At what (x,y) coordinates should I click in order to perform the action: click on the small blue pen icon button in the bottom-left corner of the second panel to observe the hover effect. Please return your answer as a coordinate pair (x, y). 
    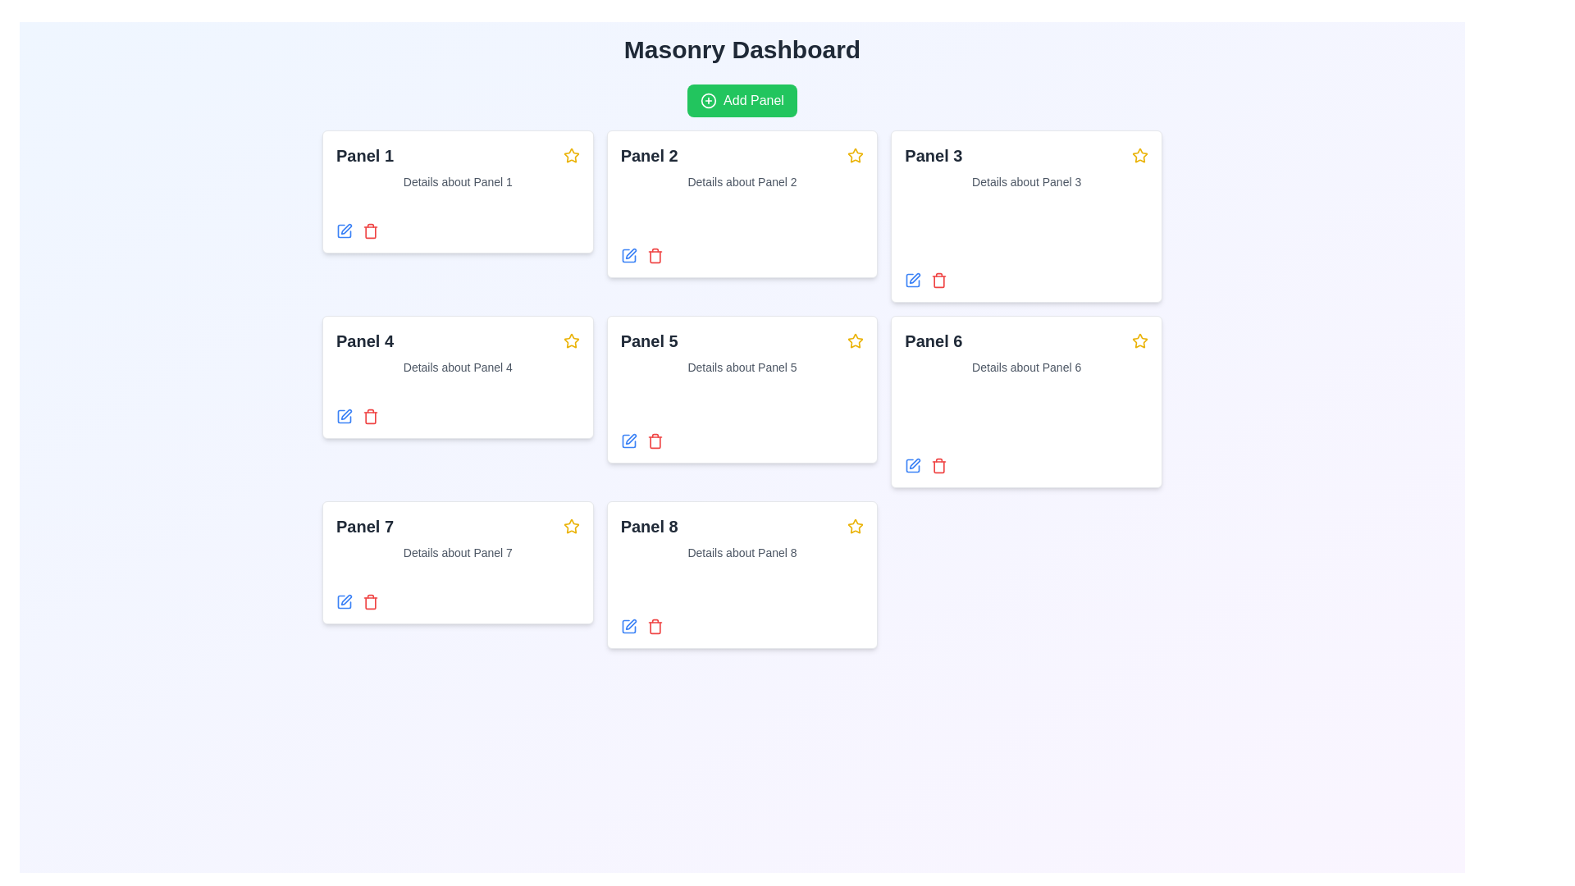
    Looking at the image, I should click on (628, 256).